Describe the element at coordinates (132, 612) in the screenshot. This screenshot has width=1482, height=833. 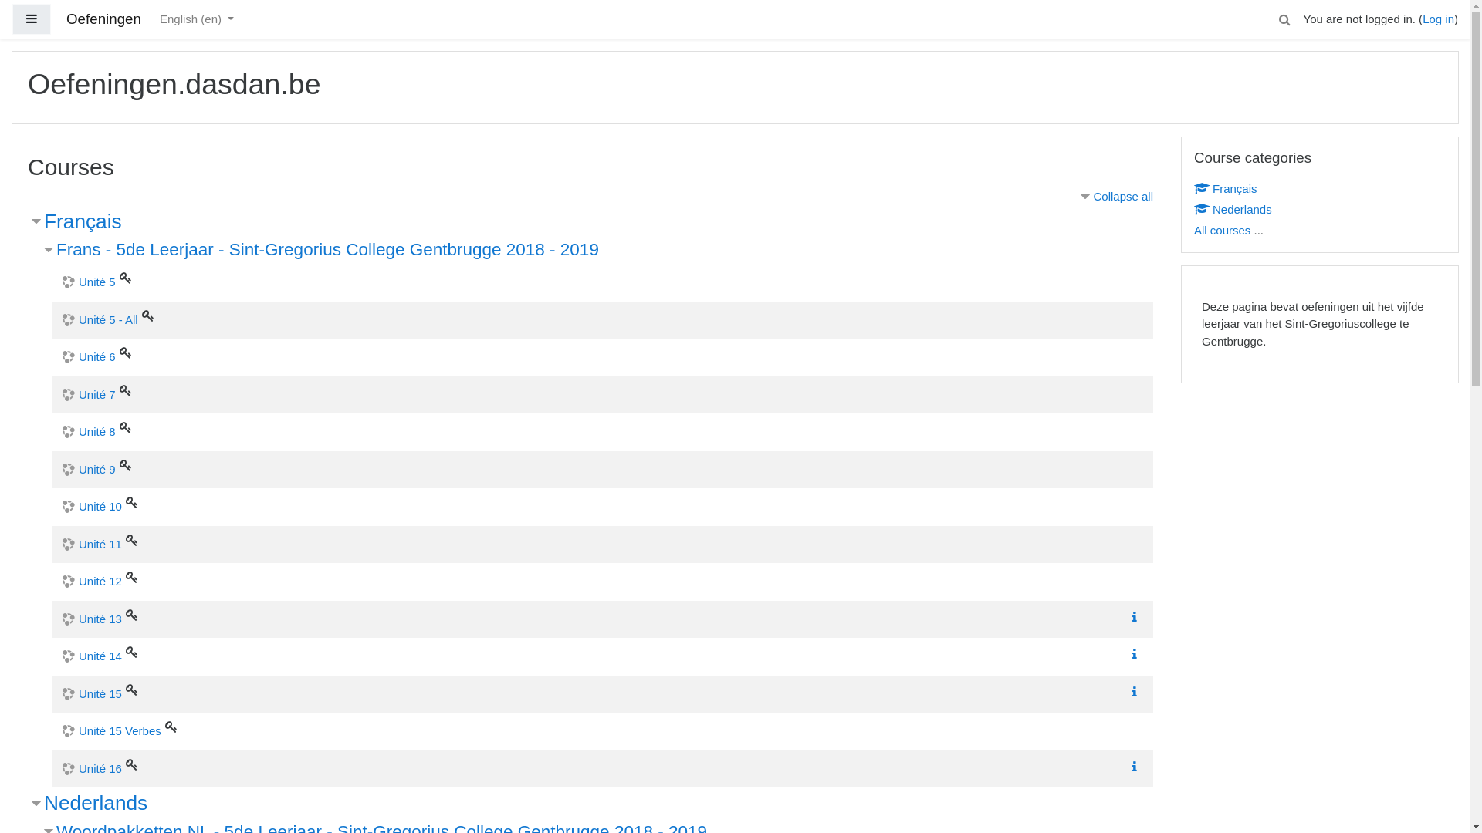
I see `'Self enrolment'` at that location.